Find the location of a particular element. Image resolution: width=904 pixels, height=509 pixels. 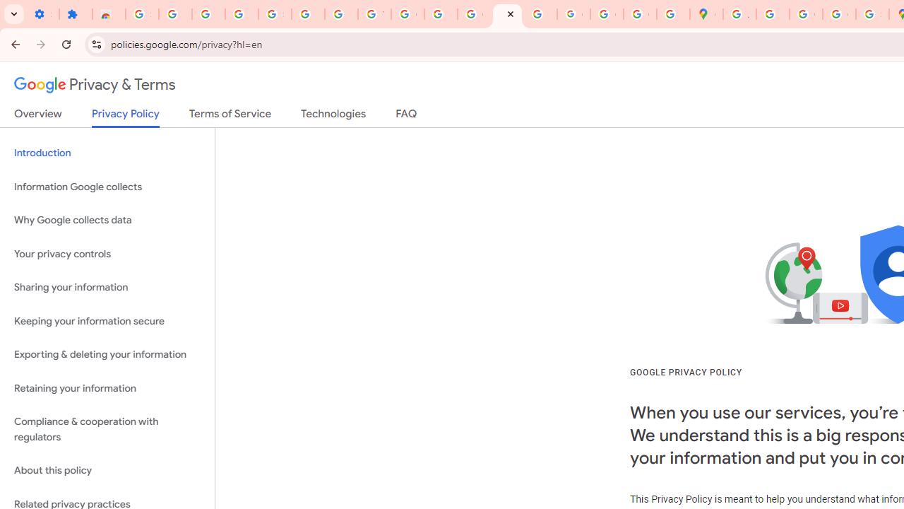

'Your privacy controls' is located at coordinates (107, 253).